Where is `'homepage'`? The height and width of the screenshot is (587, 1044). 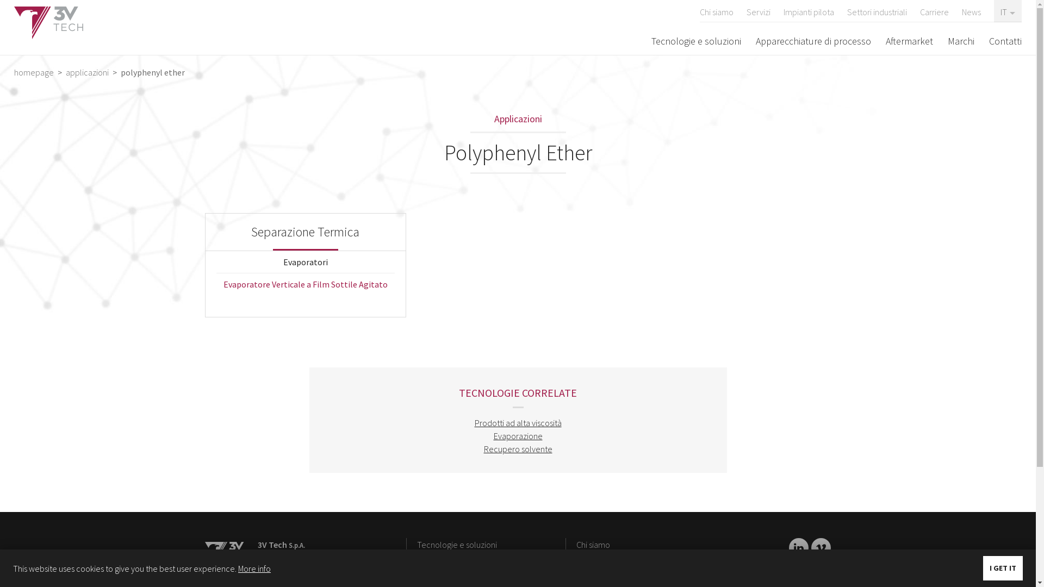
'homepage' is located at coordinates (35, 72).